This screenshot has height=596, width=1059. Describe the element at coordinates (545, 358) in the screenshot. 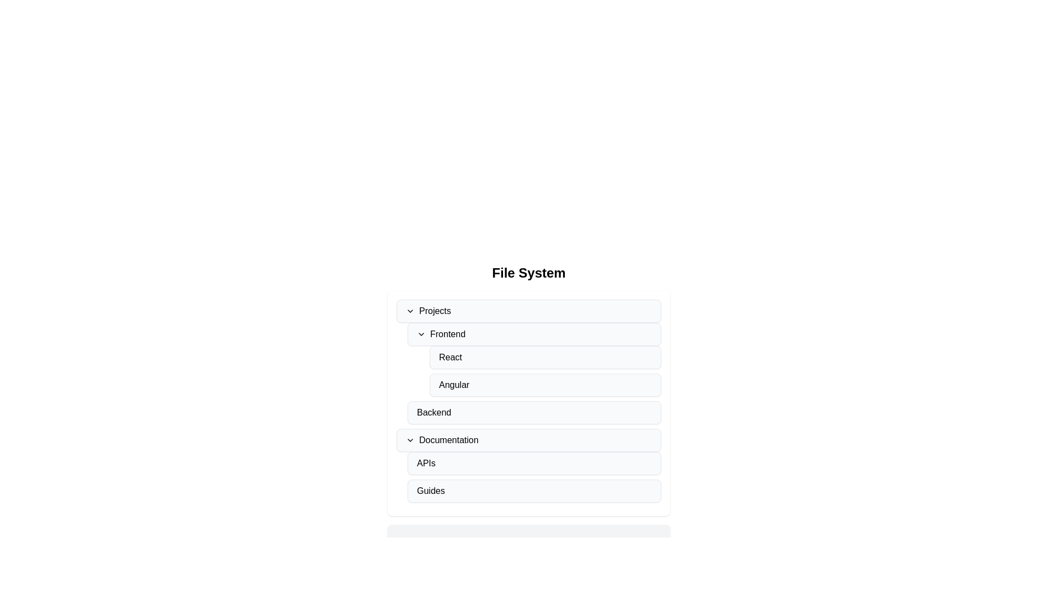

I see `the 'React' button located in the 'Frontend' section of the navigational list` at that location.